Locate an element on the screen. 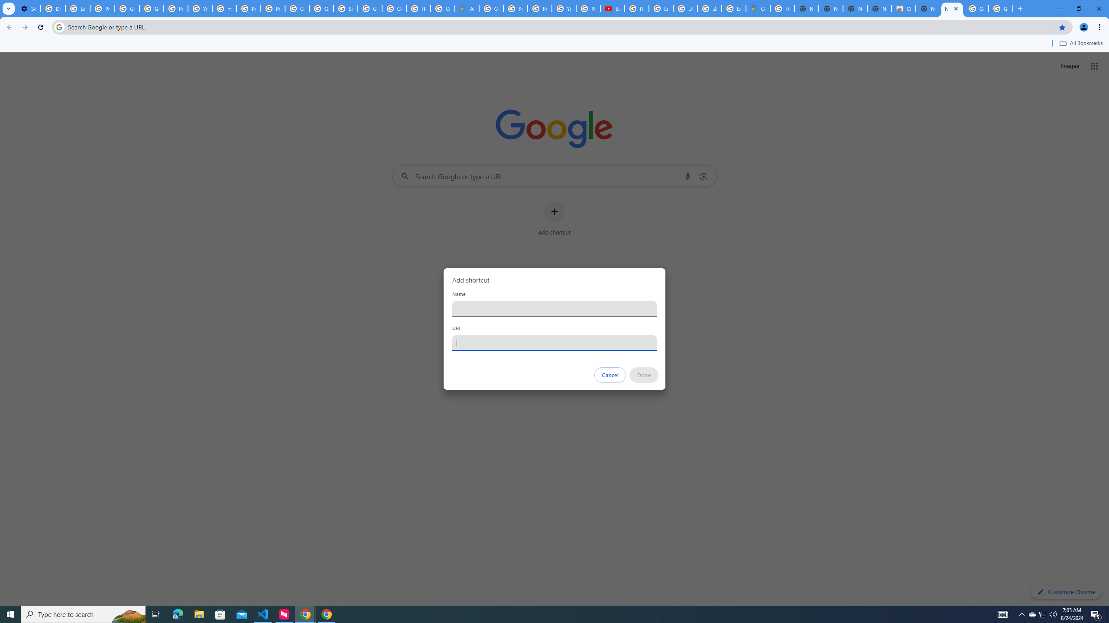 Image resolution: width=1109 pixels, height=623 pixels. 'YouTube' is located at coordinates (563, 8).